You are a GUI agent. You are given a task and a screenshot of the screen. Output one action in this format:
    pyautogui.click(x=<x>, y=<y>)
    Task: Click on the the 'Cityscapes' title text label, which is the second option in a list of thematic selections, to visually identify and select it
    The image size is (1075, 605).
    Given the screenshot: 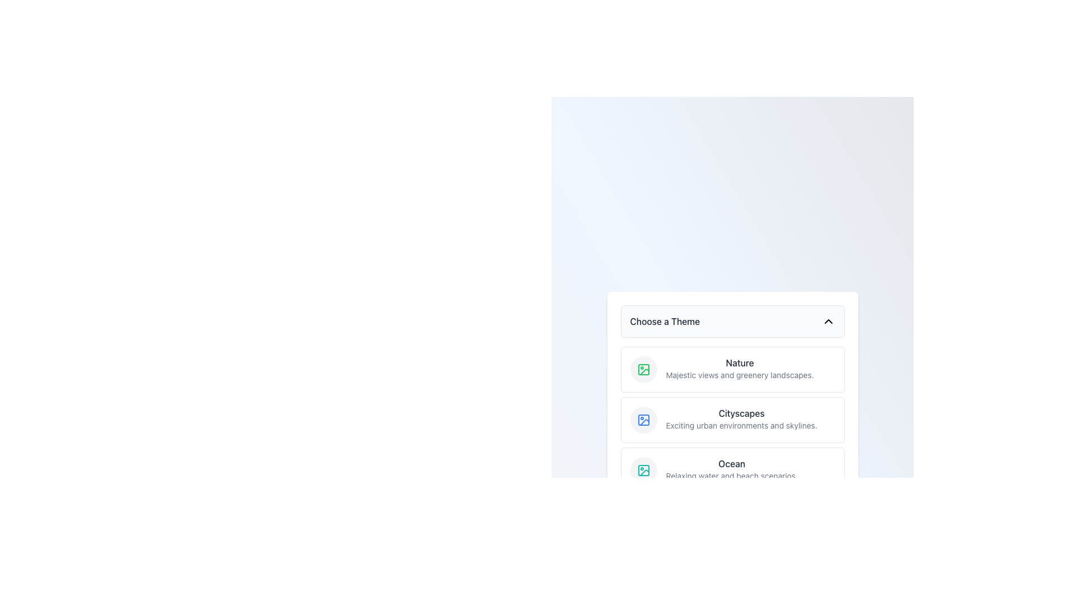 What is the action you would take?
    pyautogui.click(x=741, y=413)
    